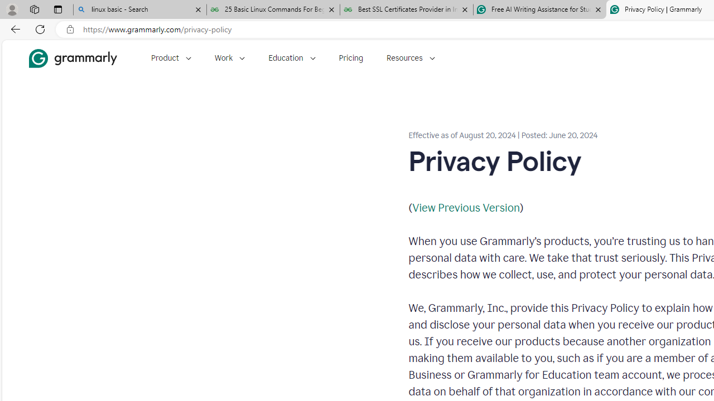  I want to click on 'View Previous Version', so click(466, 207).